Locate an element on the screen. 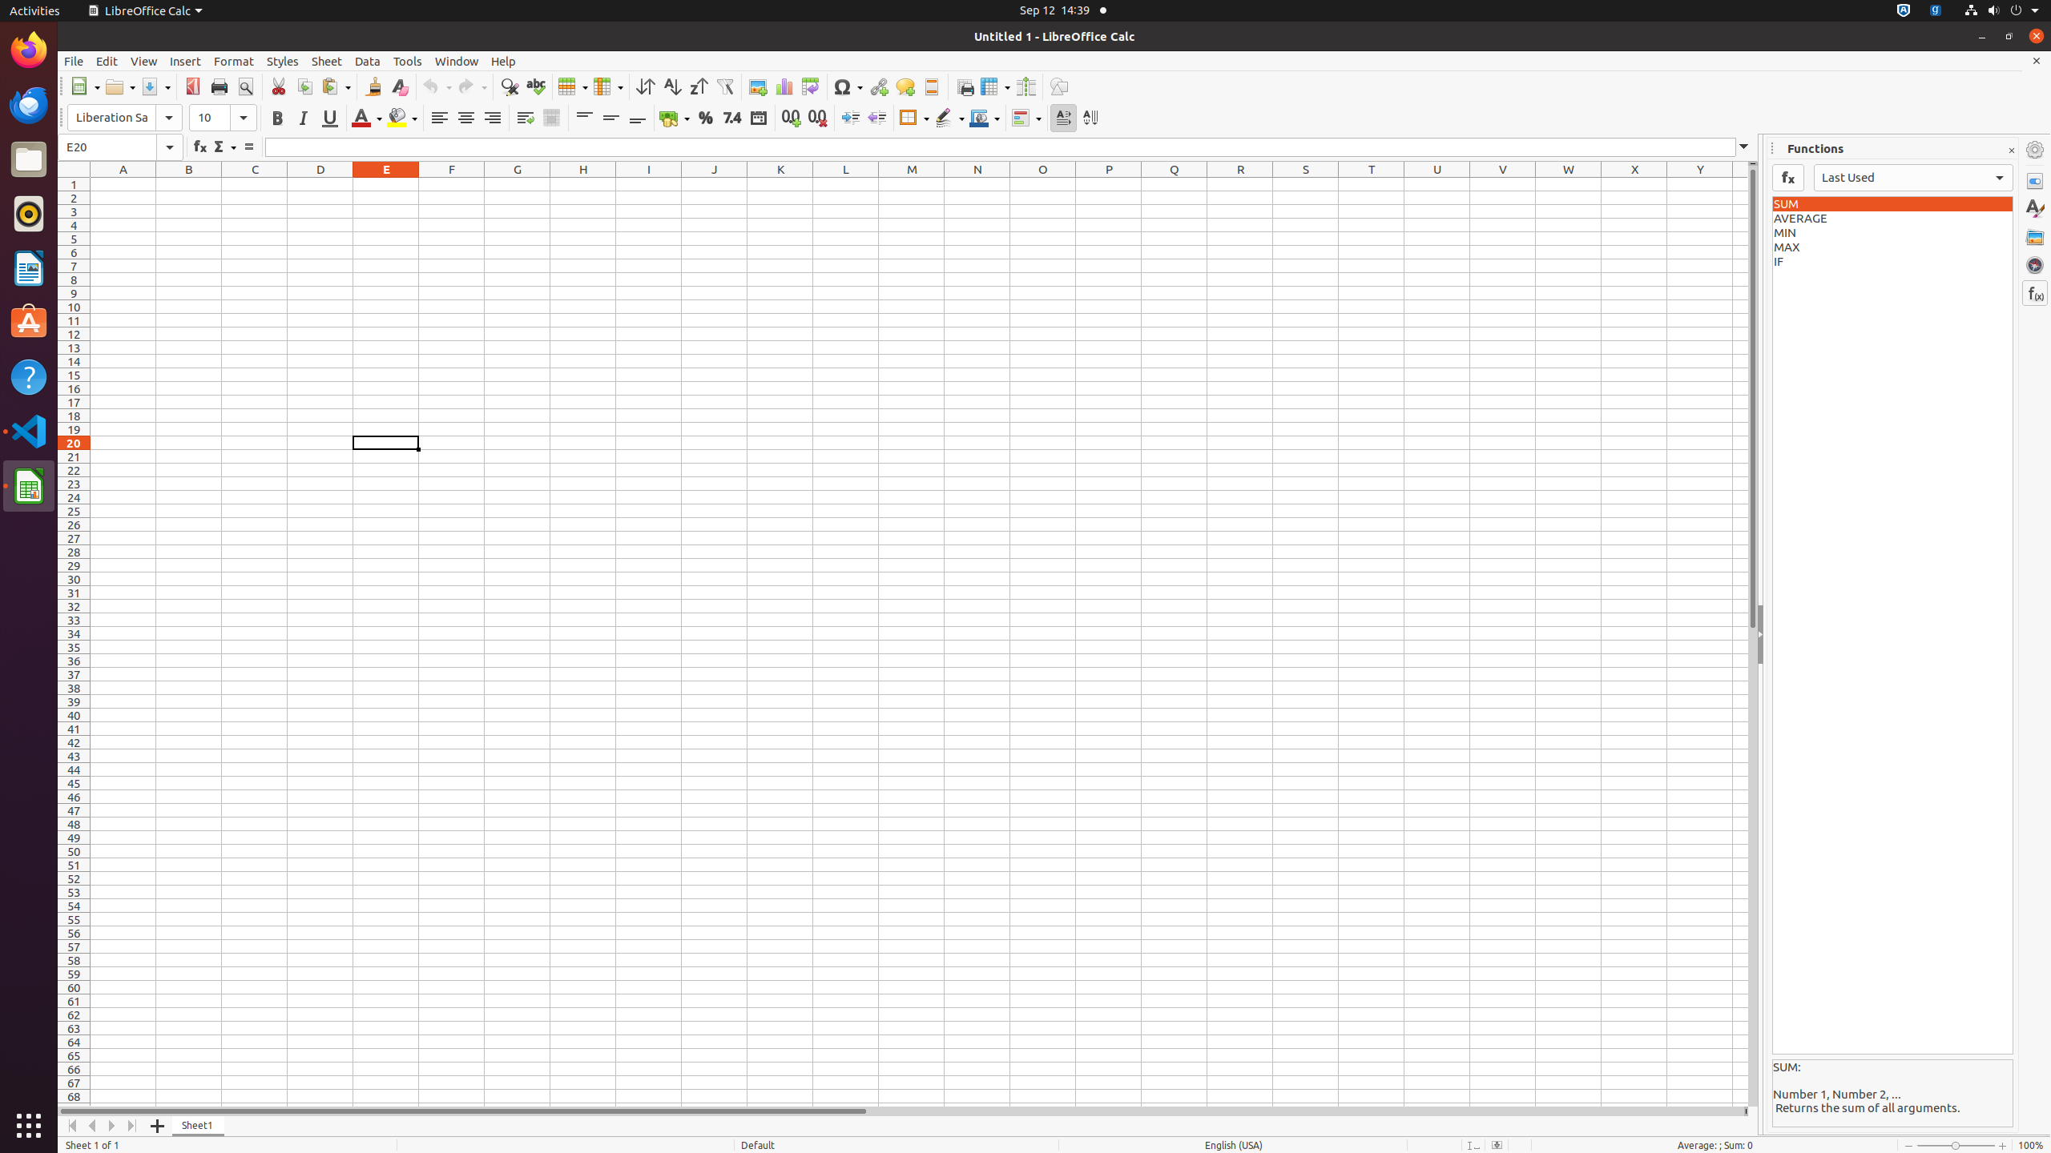  'Draw Functions' is located at coordinates (1058, 86).